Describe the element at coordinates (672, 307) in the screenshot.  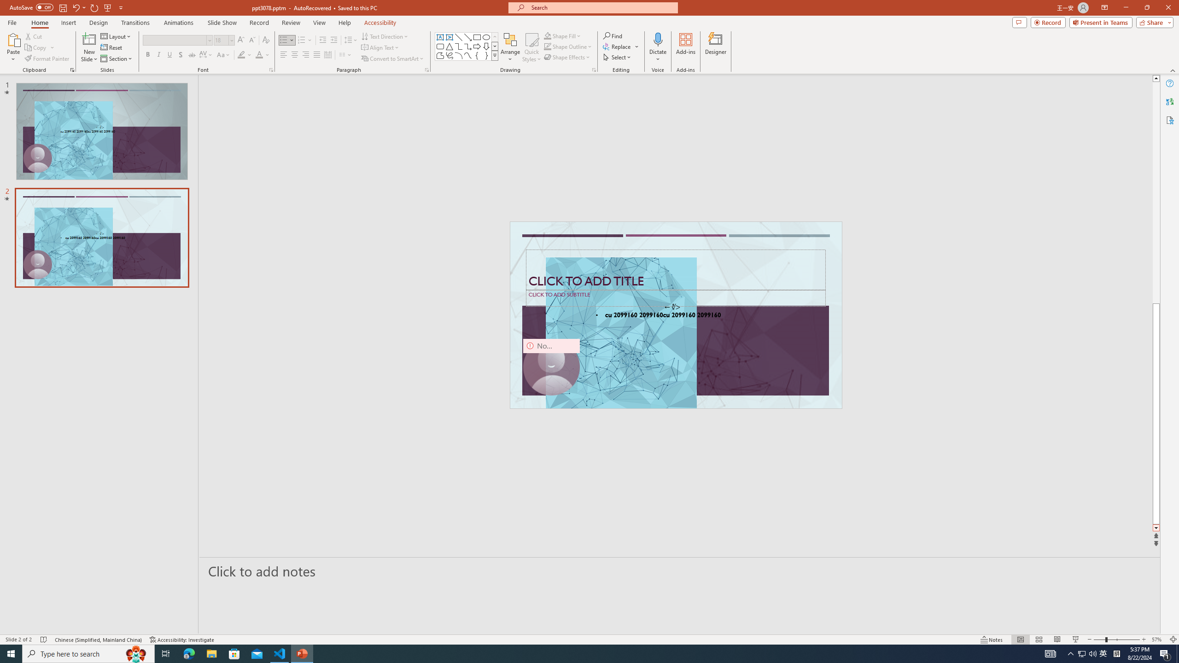
I see `'TextBox 7'` at that location.